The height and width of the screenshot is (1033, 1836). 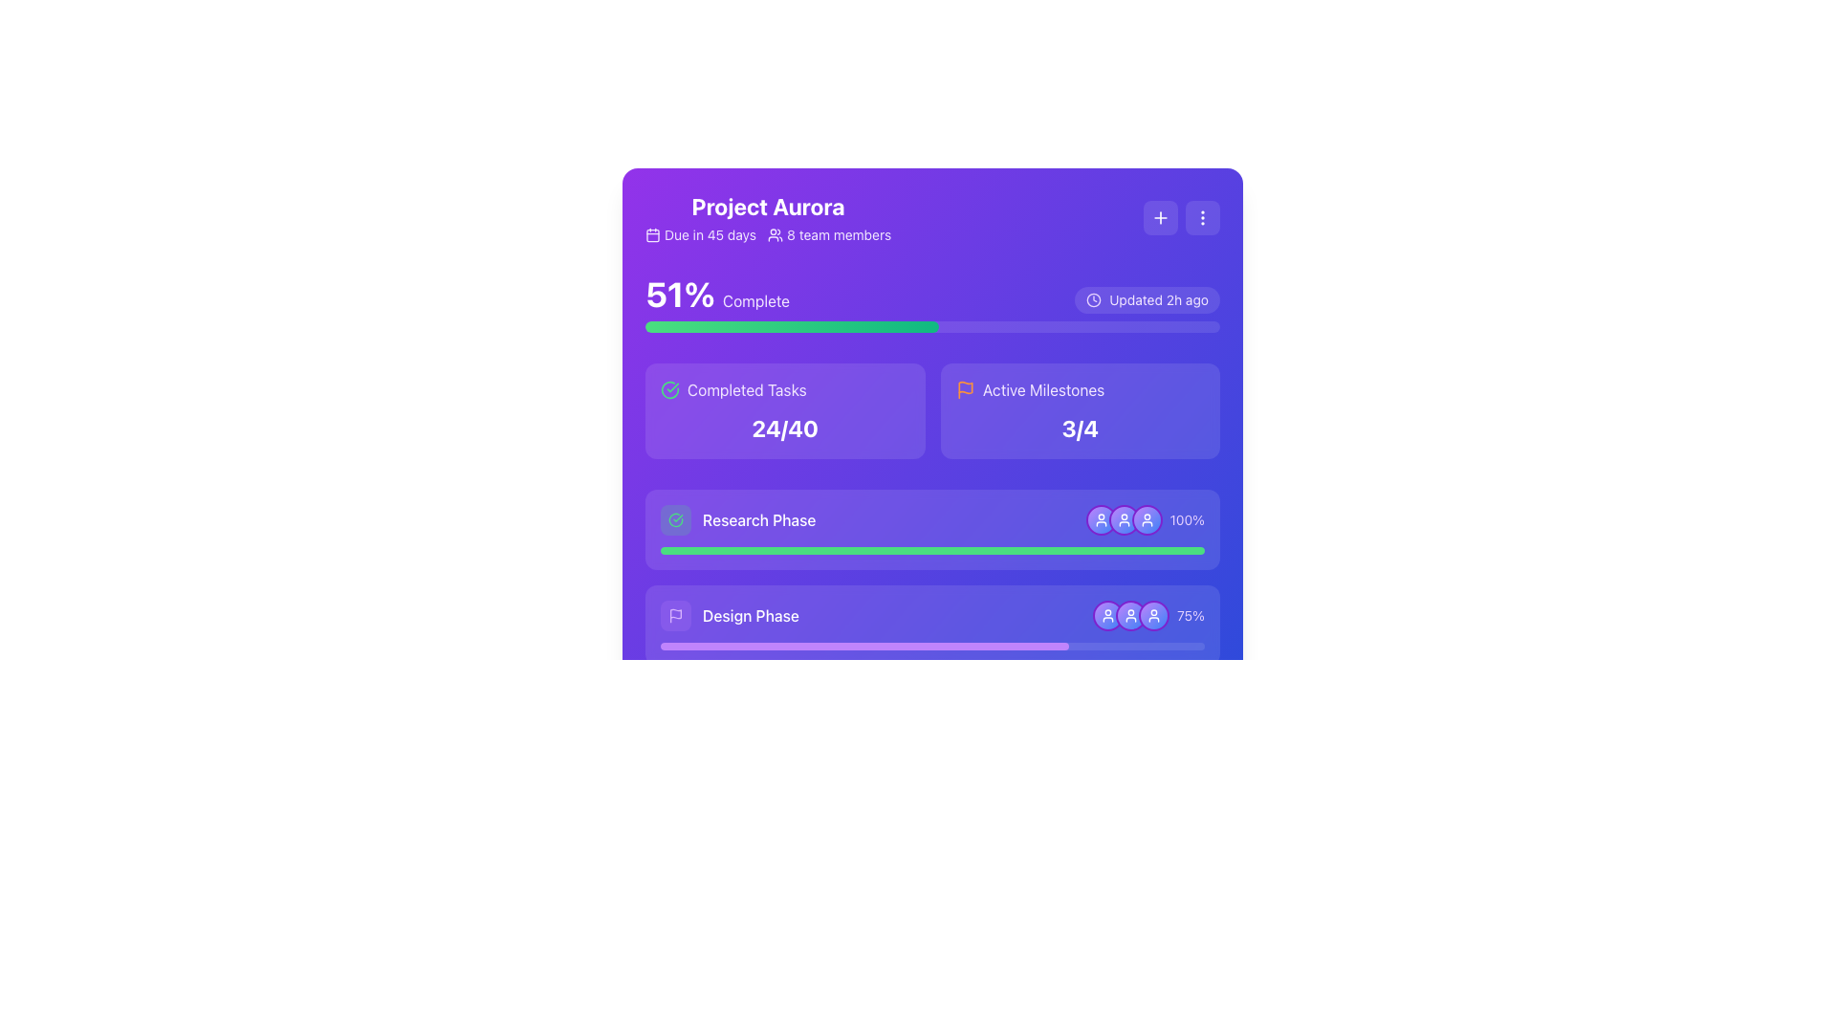 I want to click on displayed percentage value from the completion rate indicator text label located in the top-right corner of the 'Research Phase' section, so click(x=1145, y=519).